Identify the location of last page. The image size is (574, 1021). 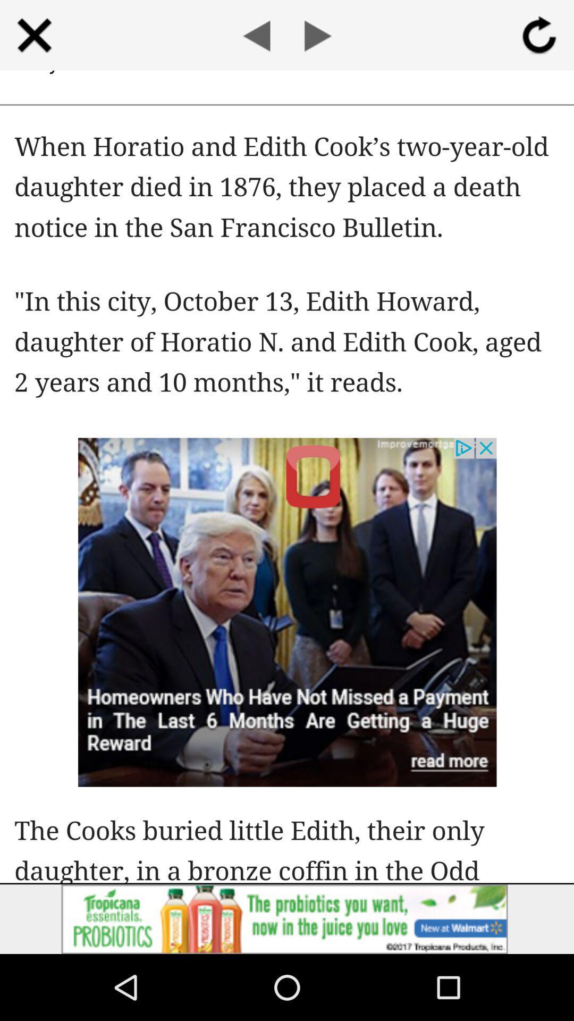
(256, 35).